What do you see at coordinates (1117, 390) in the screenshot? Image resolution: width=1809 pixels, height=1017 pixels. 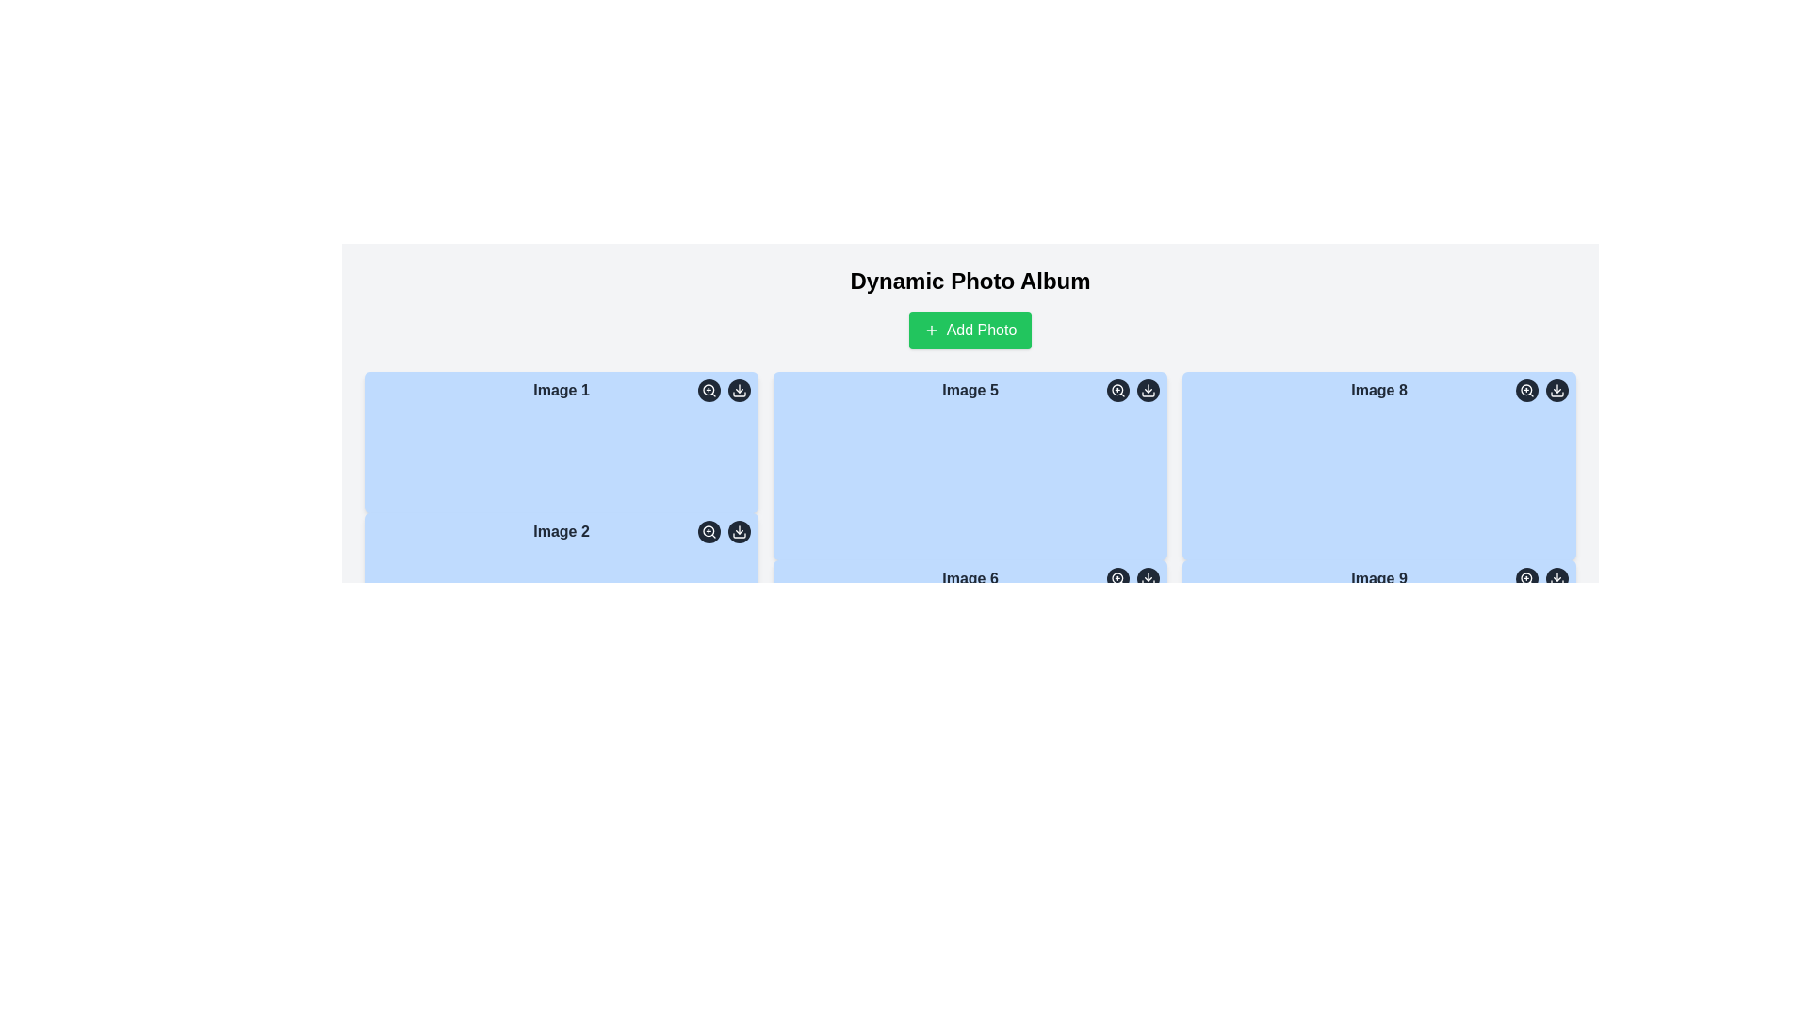 I see `the zoom button for 'Image 5' located at the top-right corner of the card` at bounding box center [1117, 390].